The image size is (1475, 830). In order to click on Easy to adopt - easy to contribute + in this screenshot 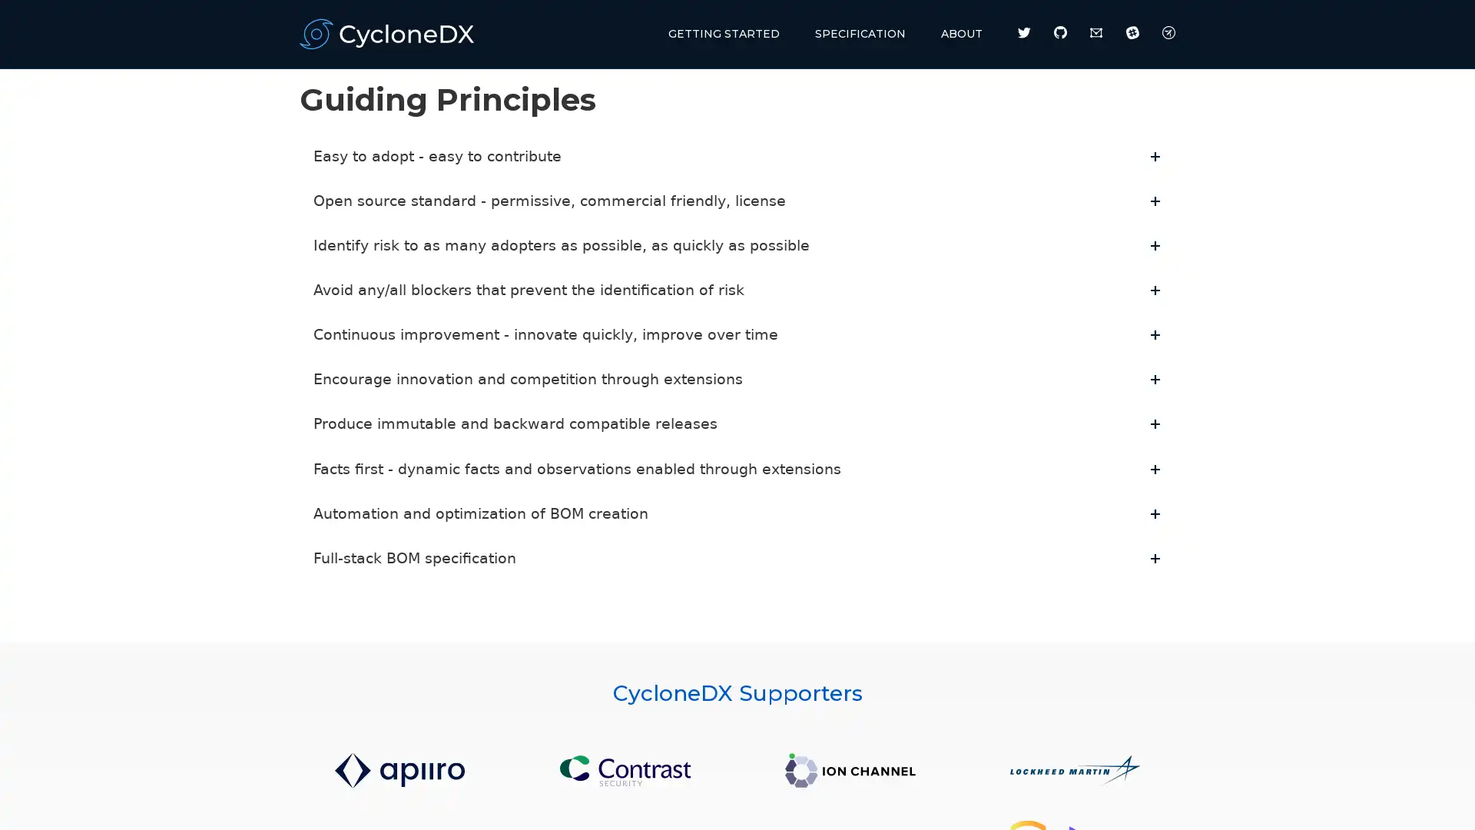, I will do `click(737, 157)`.